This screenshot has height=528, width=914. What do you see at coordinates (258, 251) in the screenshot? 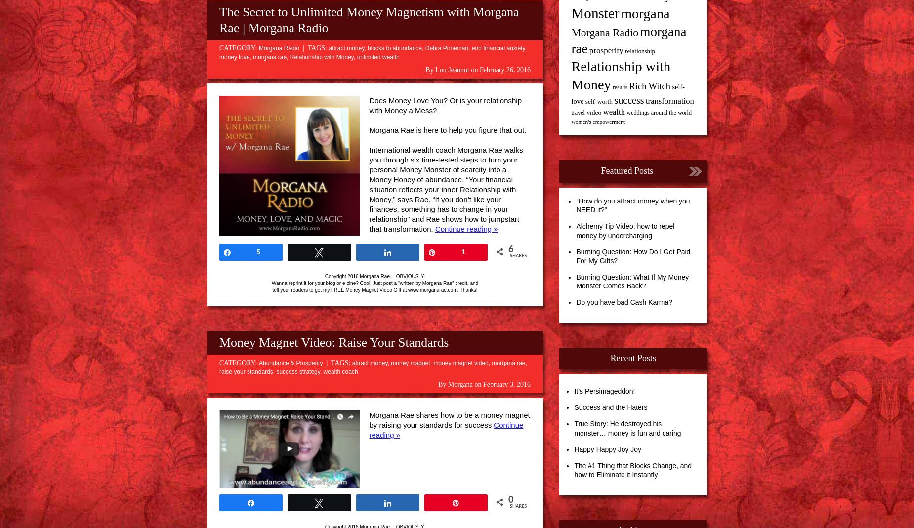
I see `'5'` at bounding box center [258, 251].